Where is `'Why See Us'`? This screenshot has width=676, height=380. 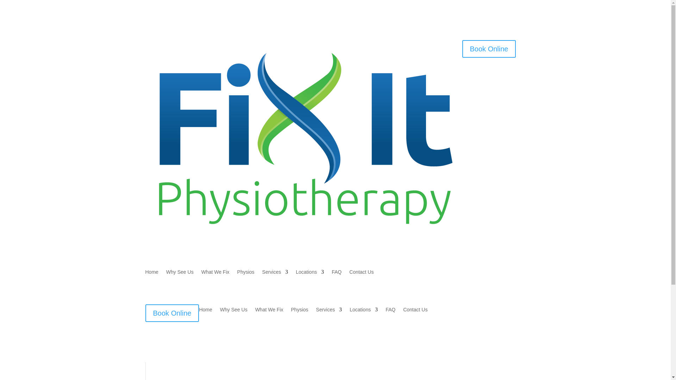
'Why See Us' is located at coordinates (219, 310).